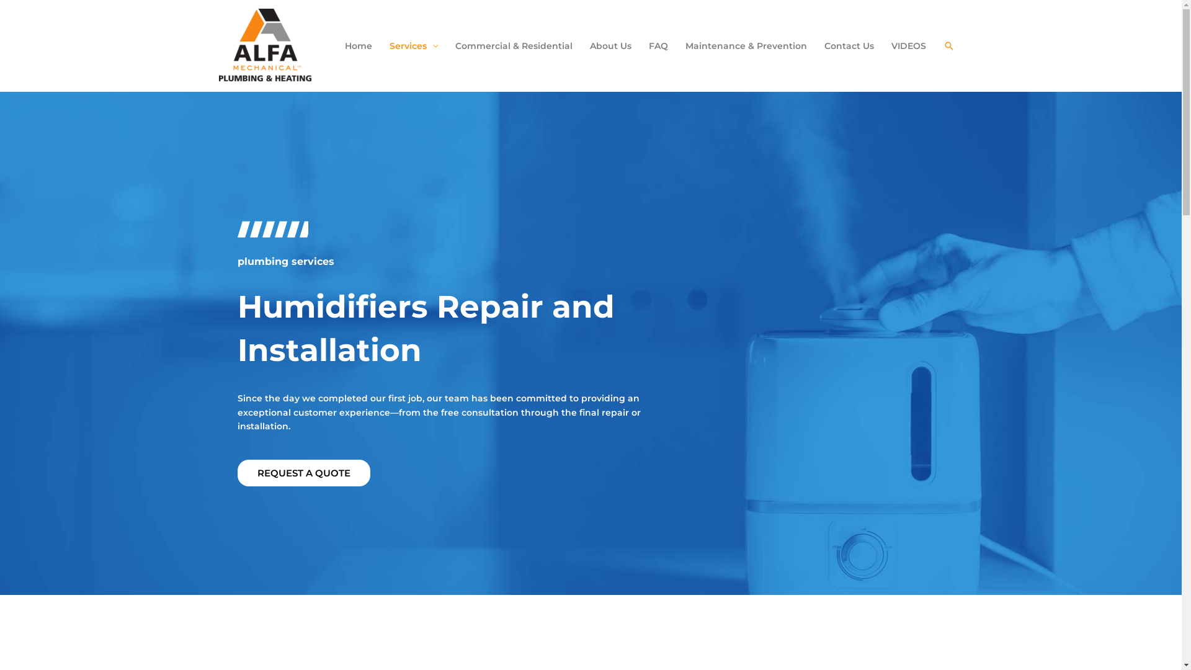 The image size is (1191, 670). I want to click on 'Services', so click(414, 45).